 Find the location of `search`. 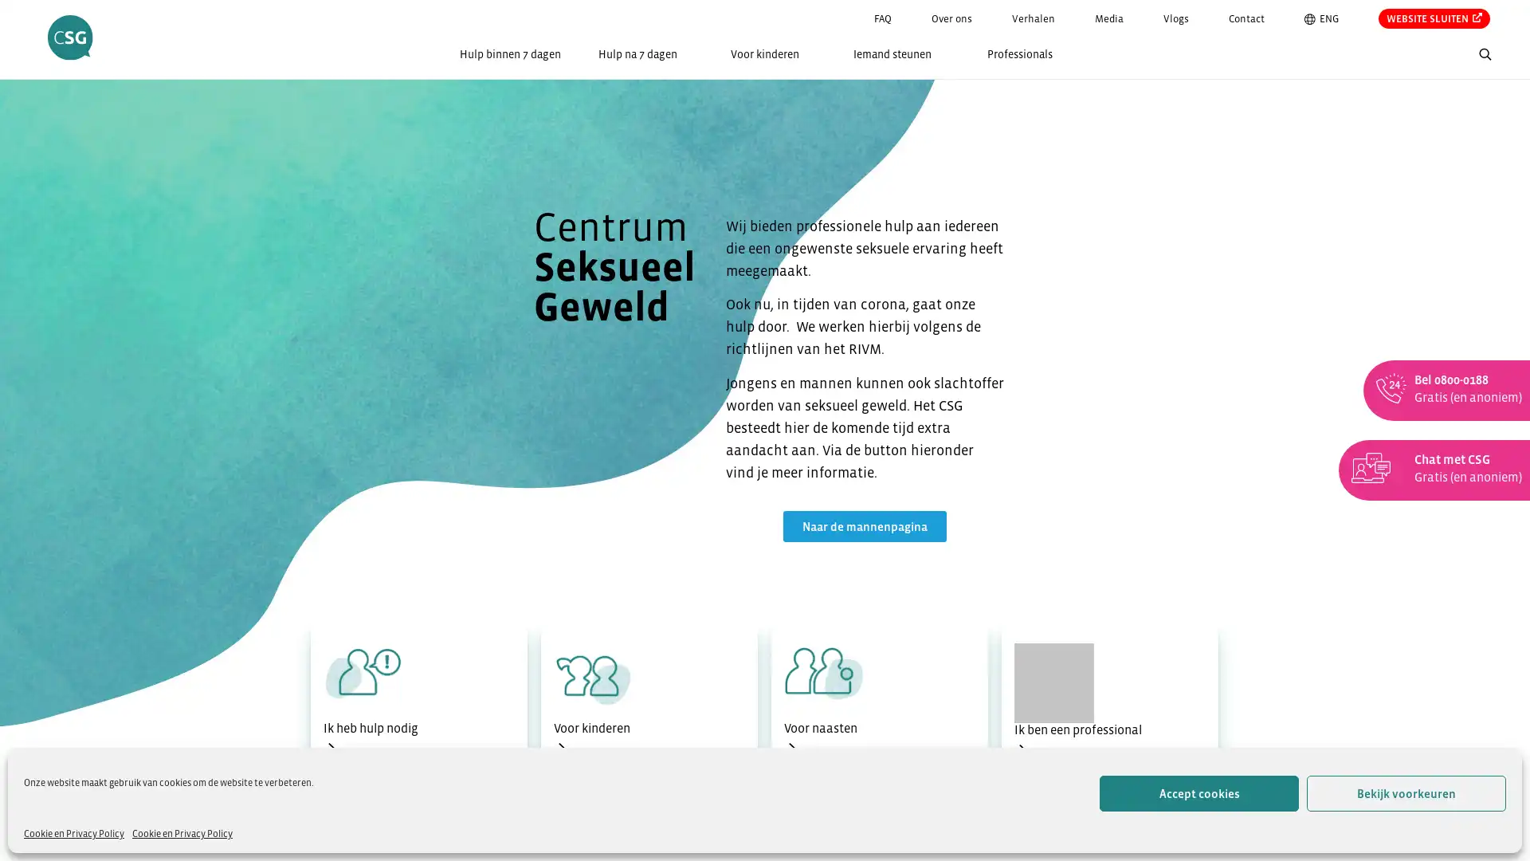

search is located at coordinates (1513, 57).